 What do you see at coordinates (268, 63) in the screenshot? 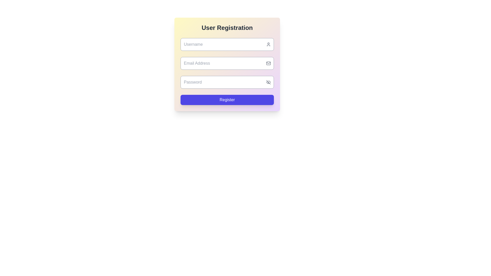
I see `the topmost rectangular SVG shape element that is part of the envelope illustration for the 'Email Address' input field, positioned to the right of the text entry area` at bounding box center [268, 63].